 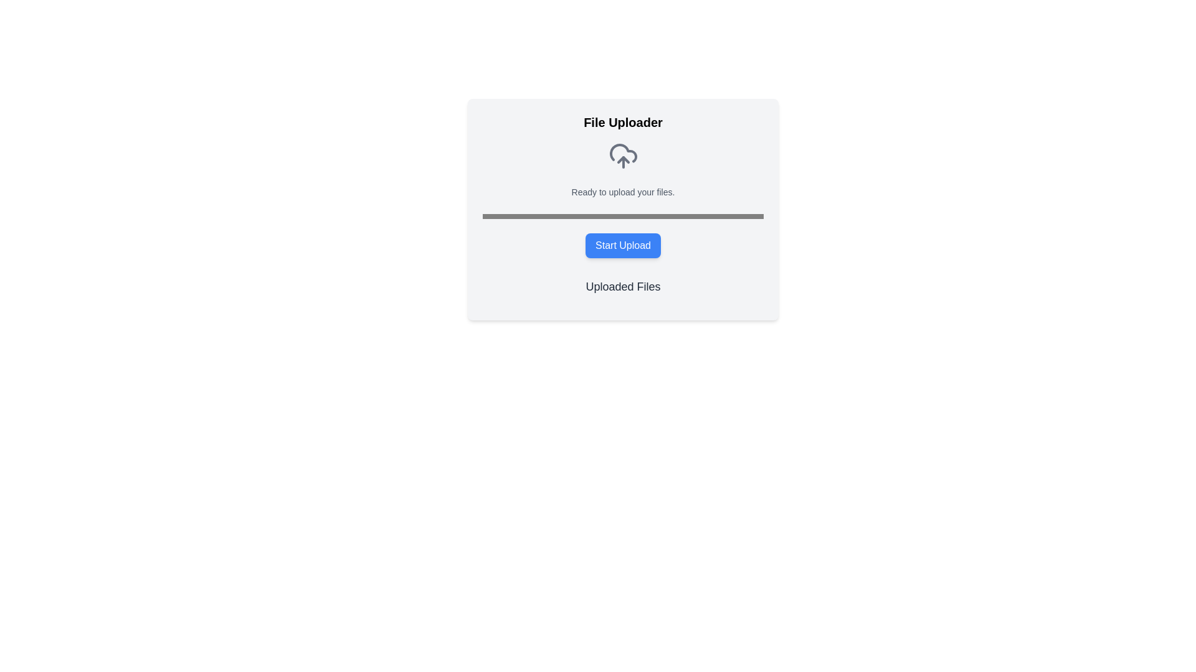 What do you see at coordinates (623, 245) in the screenshot?
I see `the upload button in the file uploader interface for accessibility interaction` at bounding box center [623, 245].